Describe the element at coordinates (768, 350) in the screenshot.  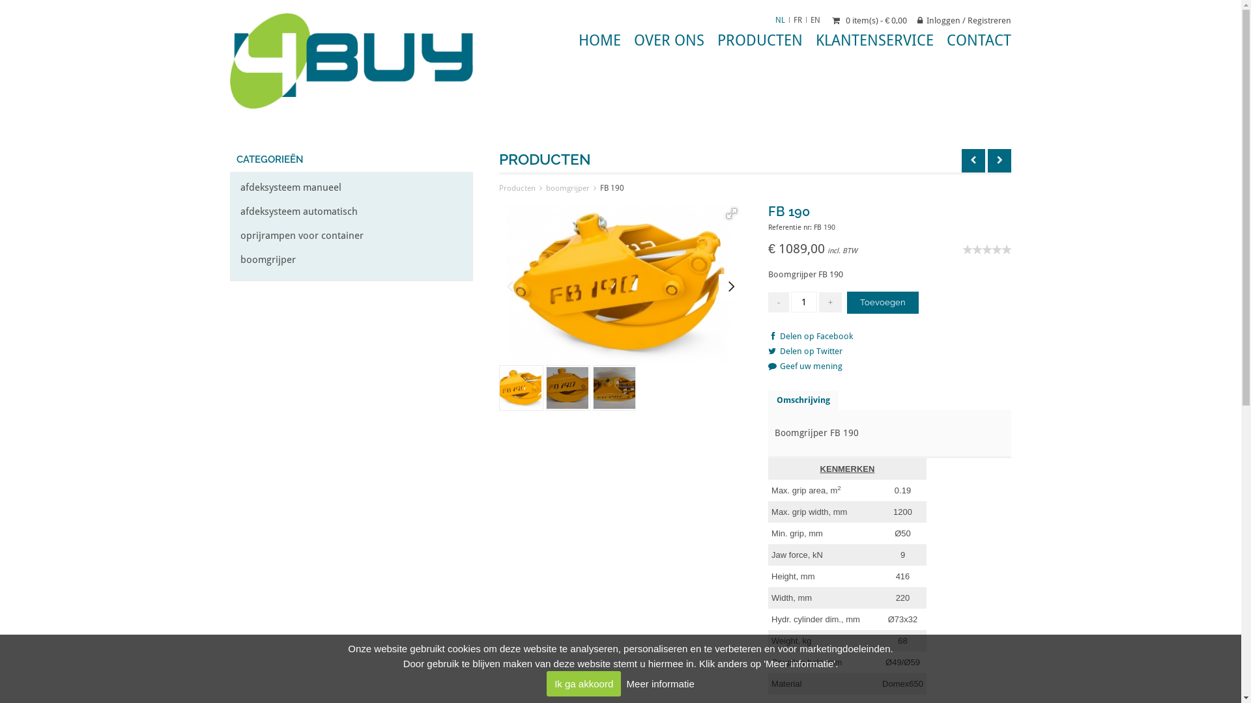
I see `'Delen op Twitter'` at that location.